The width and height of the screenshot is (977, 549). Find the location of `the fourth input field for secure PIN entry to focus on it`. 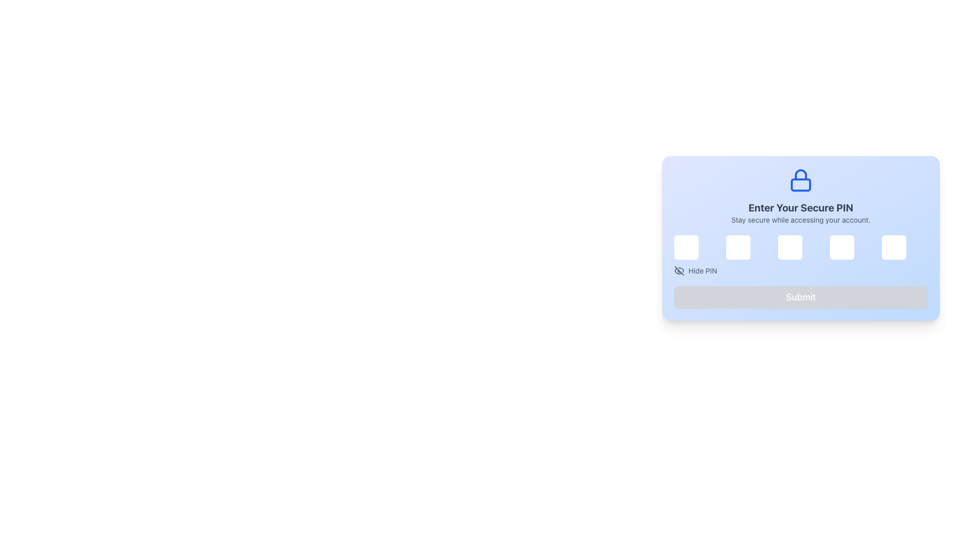

the fourth input field for secure PIN entry to focus on it is located at coordinates (842, 247).